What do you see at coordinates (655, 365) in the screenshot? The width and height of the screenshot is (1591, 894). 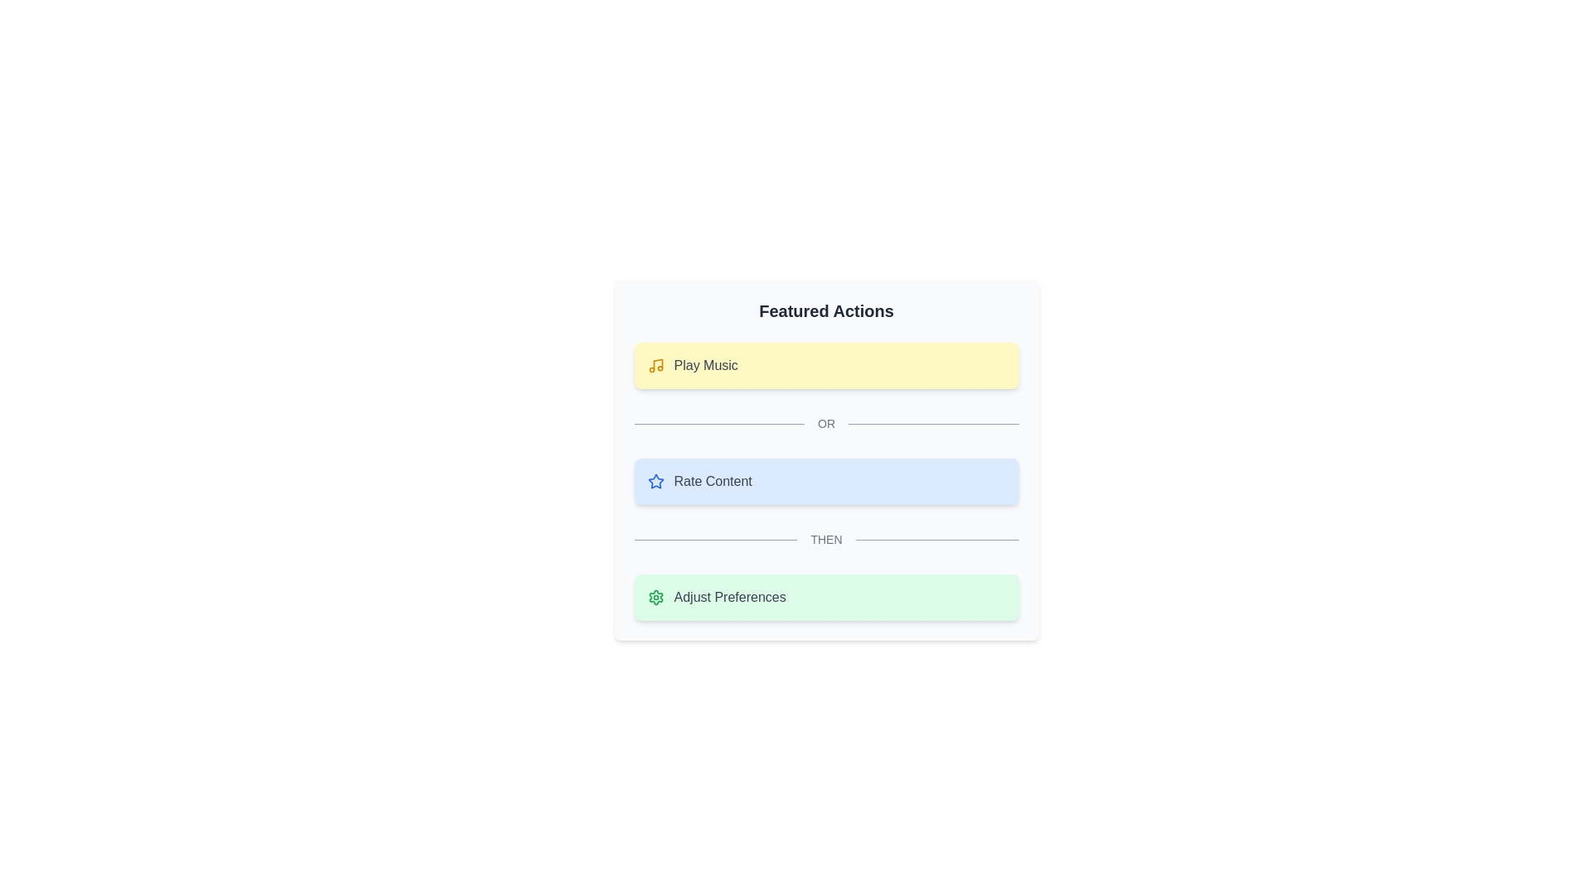 I see `the 'Play Music' button, which contains the icon on the far left and is labeled with the text 'Play Music'` at bounding box center [655, 365].